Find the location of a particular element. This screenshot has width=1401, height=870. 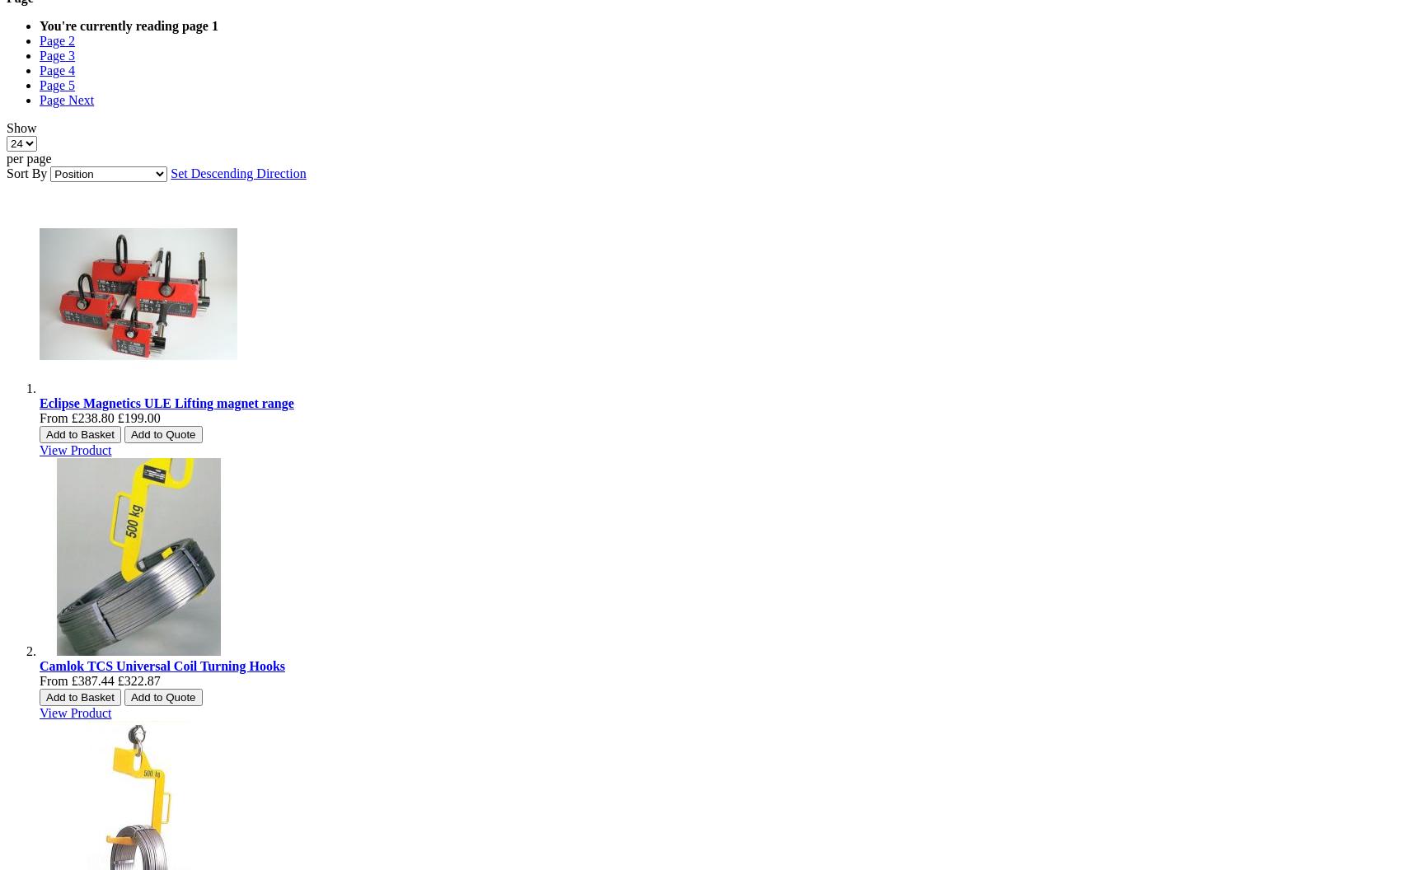

'Show' is located at coordinates (21, 128).